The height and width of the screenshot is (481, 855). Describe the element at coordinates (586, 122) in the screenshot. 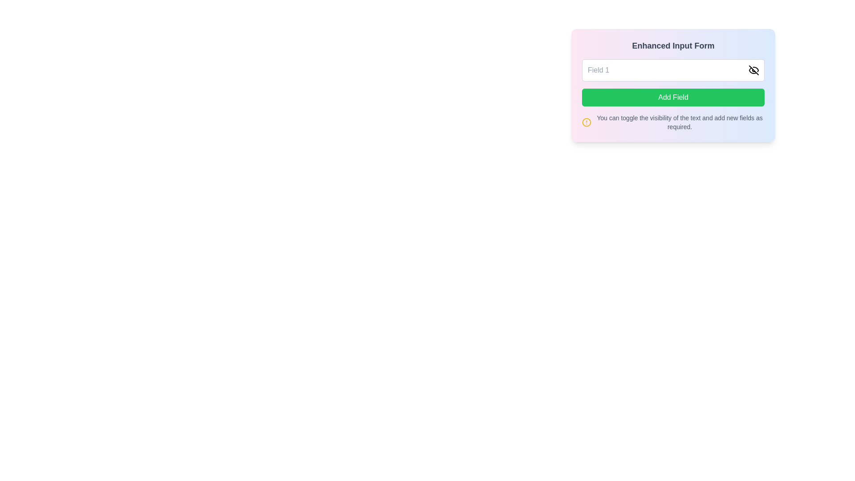

I see `the circular yellow alert icon that resembles a warning symbol, located to the left of the descriptive text regarding toggling visibility and adding new fields` at that location.